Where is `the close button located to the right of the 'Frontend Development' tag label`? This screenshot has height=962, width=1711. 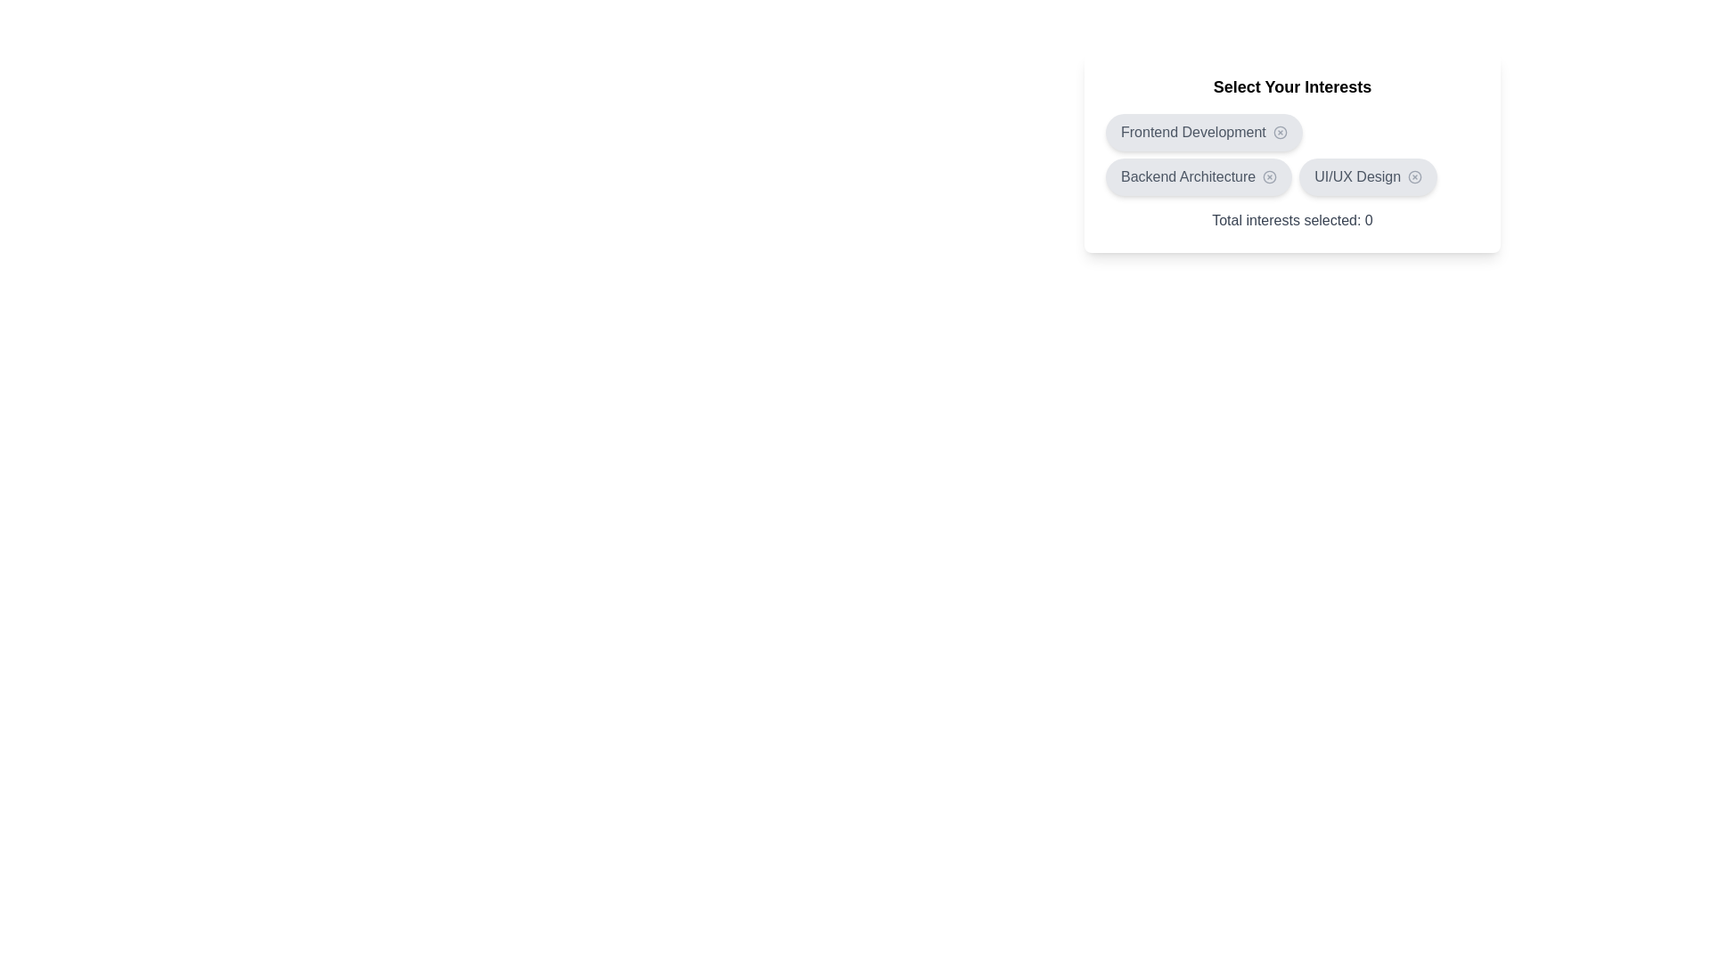 the close button located to the right of the 'Frontend Development' tag label is located at coordinates (1279, 132).